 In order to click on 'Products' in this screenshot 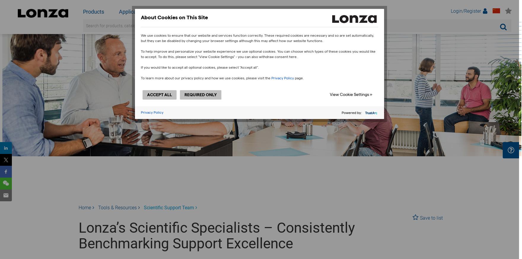, I will do `click(93, 11)`.